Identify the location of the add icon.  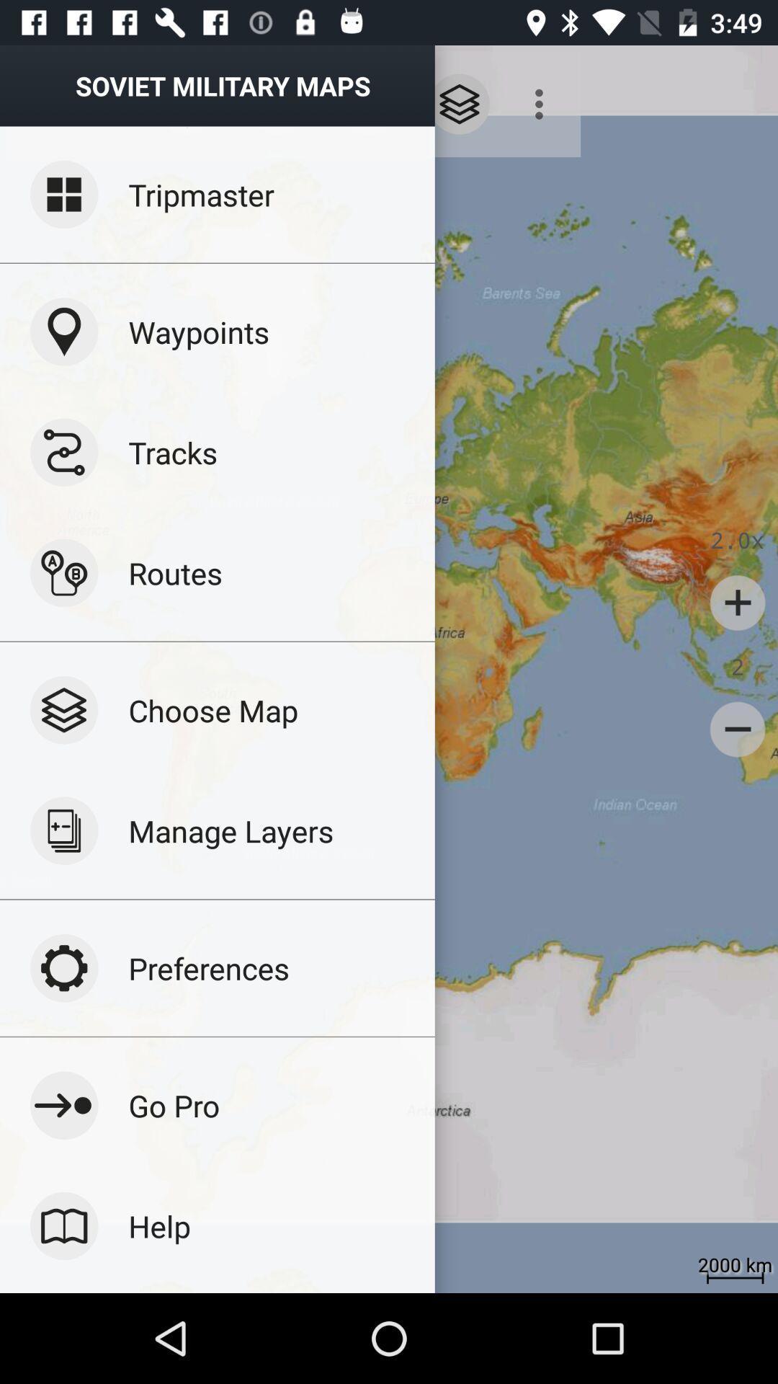
(738, 603).